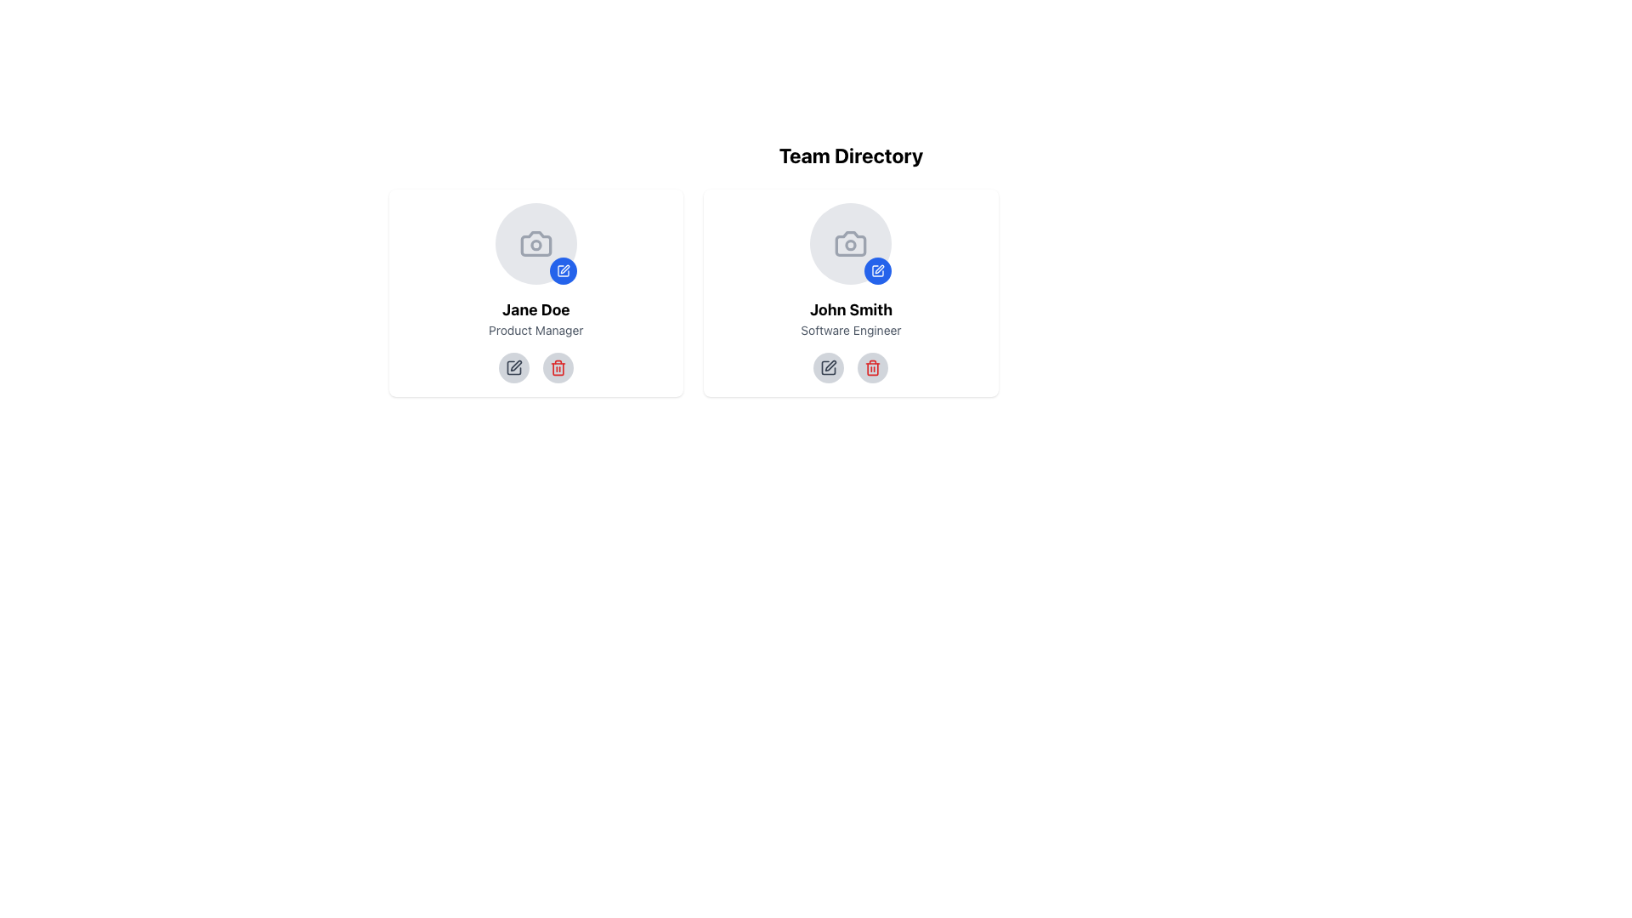 The width and height of the screenshot is (1632, 918). Describe the element at coordinates (535, 243) in the screenshot. I see `the camera icon within the circular gray button located at the center of the left user's profile card beneath the title 'Jane Doe'` at that location.